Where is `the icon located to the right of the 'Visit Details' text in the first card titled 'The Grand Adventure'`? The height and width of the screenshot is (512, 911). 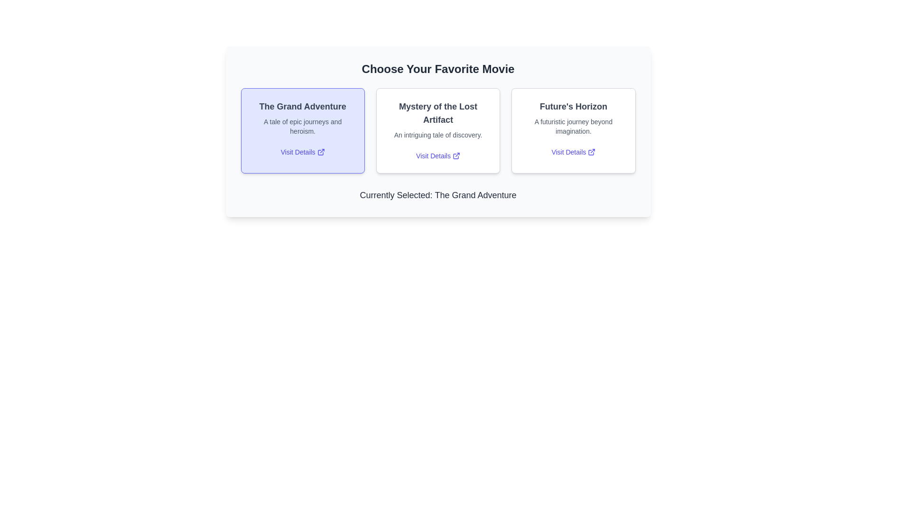
the icon located to the right of the 'Visit Details' text in the first card titled 'The Grand Adventure' is located at coordinates (321, 151).